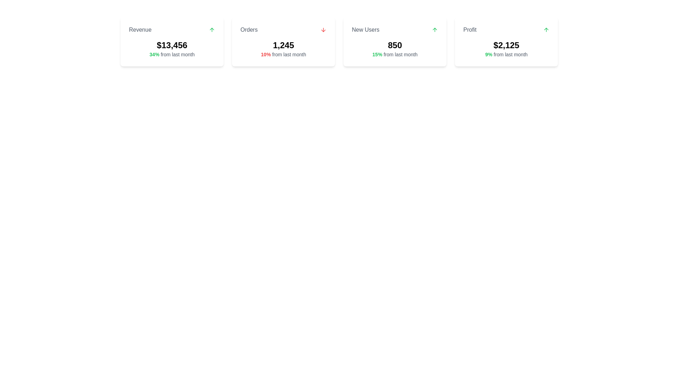 Image resolution: width=675 pixels, height=380 pixels. Describe the element at coordinates (506, 54) in the screenshot. I see `the text label indicating the percentage change in profit, located at the bottom of the 'Profit' card, below the '$2,125' text` at that location.